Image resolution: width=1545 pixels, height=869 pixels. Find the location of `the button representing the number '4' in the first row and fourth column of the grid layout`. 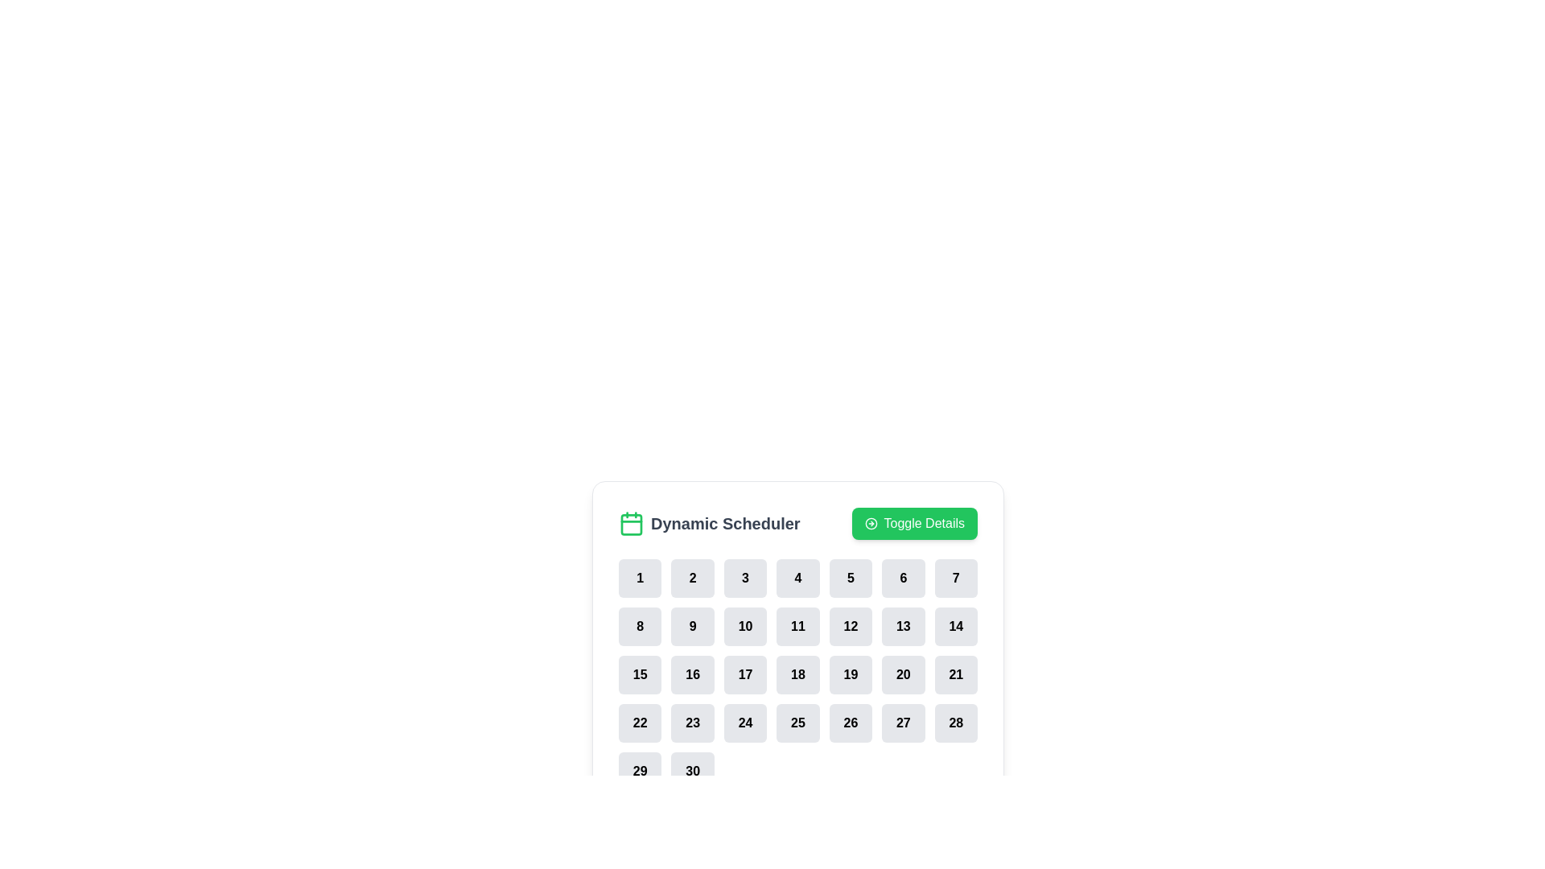

the button representing the number '4' in the first row and fourth column of the grid layout is located at coordinates (798, 577).